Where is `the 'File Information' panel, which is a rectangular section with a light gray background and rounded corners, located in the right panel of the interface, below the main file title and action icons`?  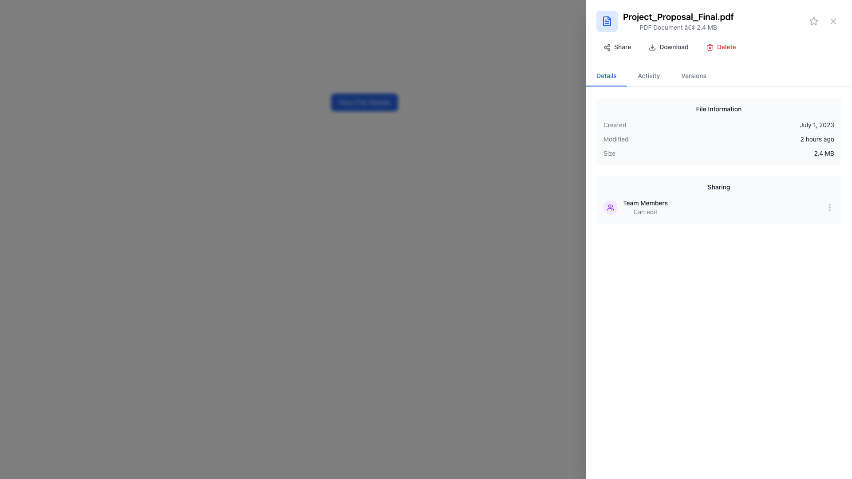 the 'File Information' panel, which is a rectangular section with a light gray background and rounded corners, located in the right panel of the interface, below the main file title and action icons is located at coordinates (719, 131).